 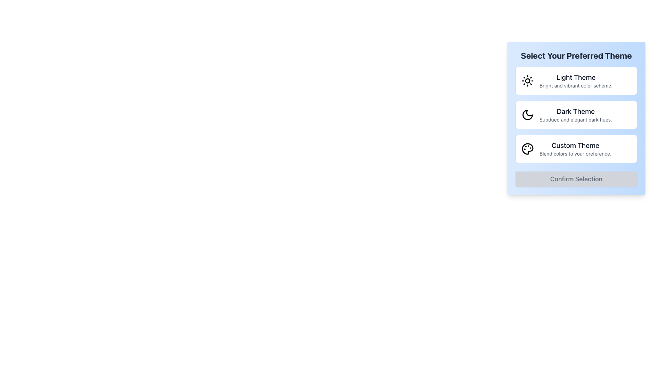 I want to click on label identified as the title for the 'Light Theme' option located at the top of the card in the theme selection interface, so click(x=576, y=77).